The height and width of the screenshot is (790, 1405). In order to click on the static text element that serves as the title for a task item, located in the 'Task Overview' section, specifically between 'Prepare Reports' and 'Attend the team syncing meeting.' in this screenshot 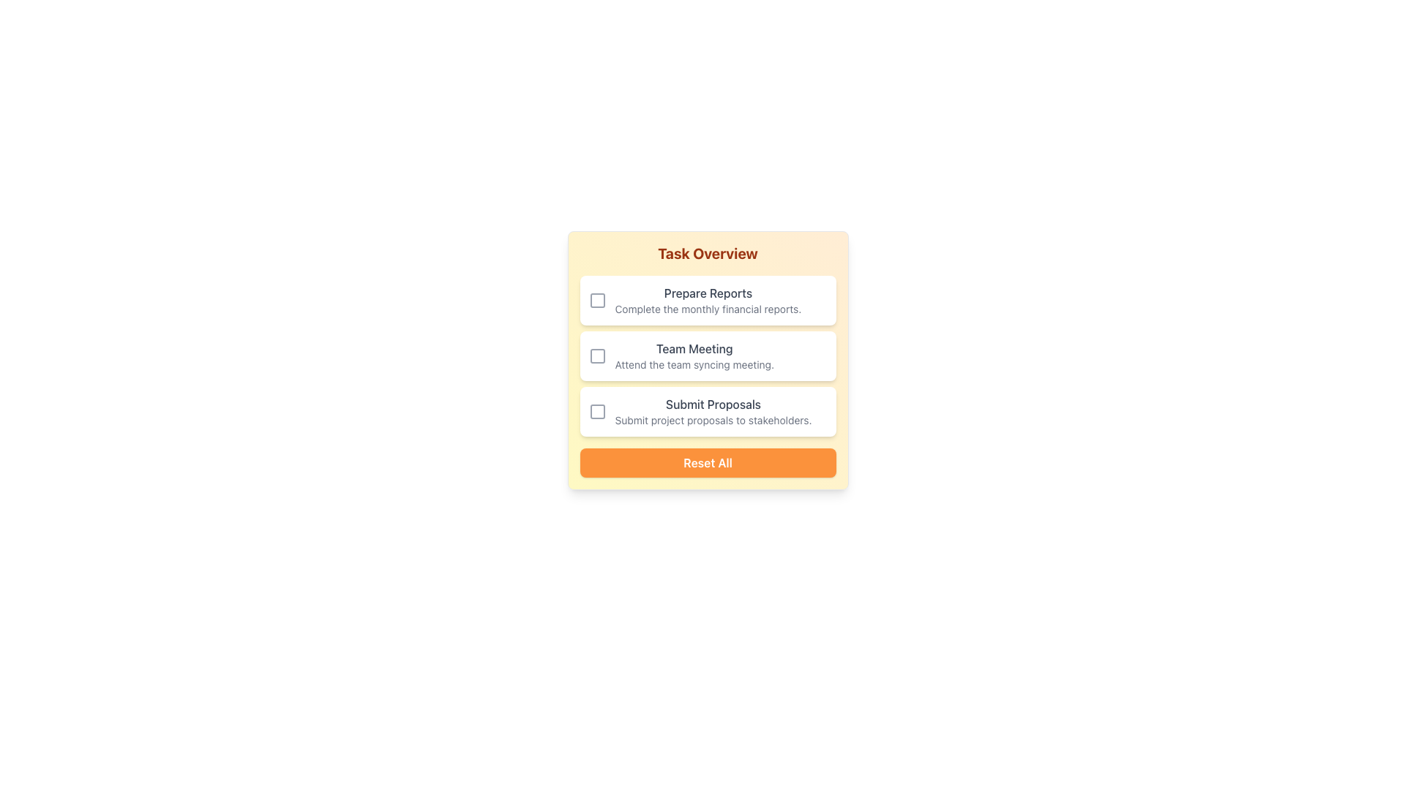, I will do `click(694, 349)`.